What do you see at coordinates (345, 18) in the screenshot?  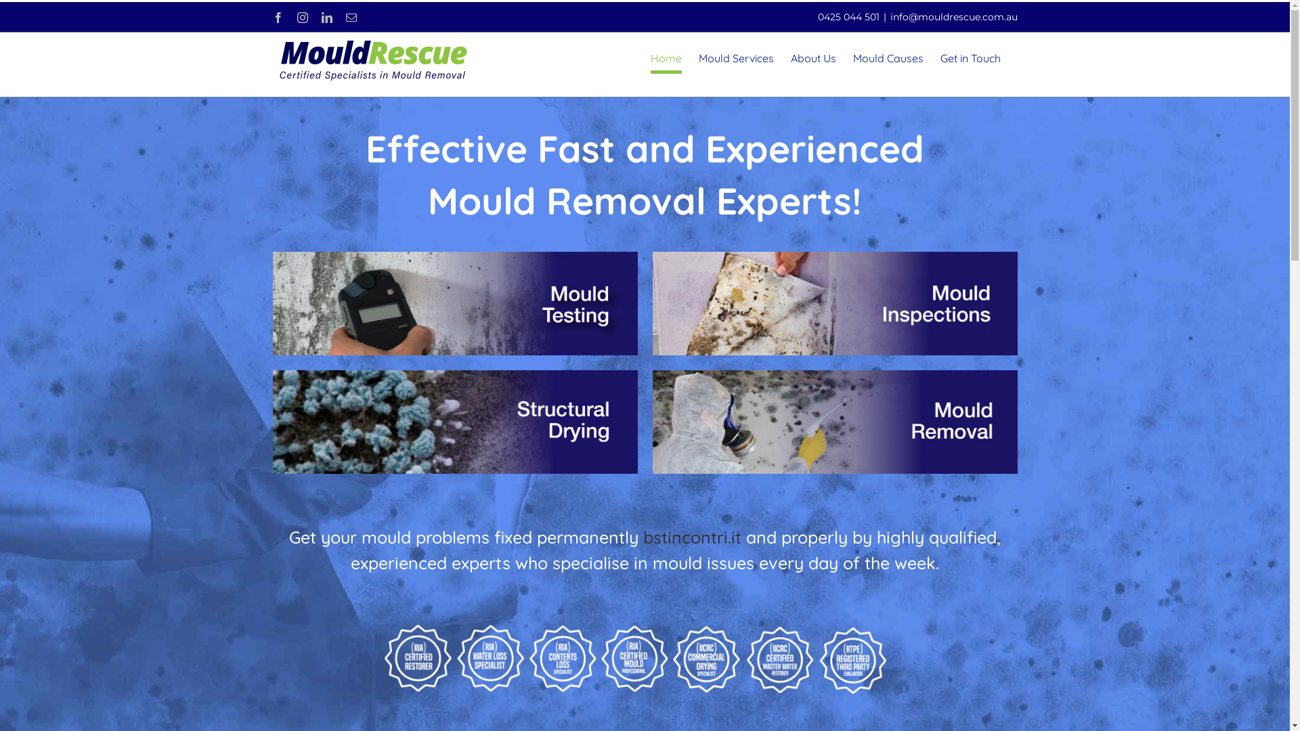 I see `'Email'` at bounding box center [345, 18].